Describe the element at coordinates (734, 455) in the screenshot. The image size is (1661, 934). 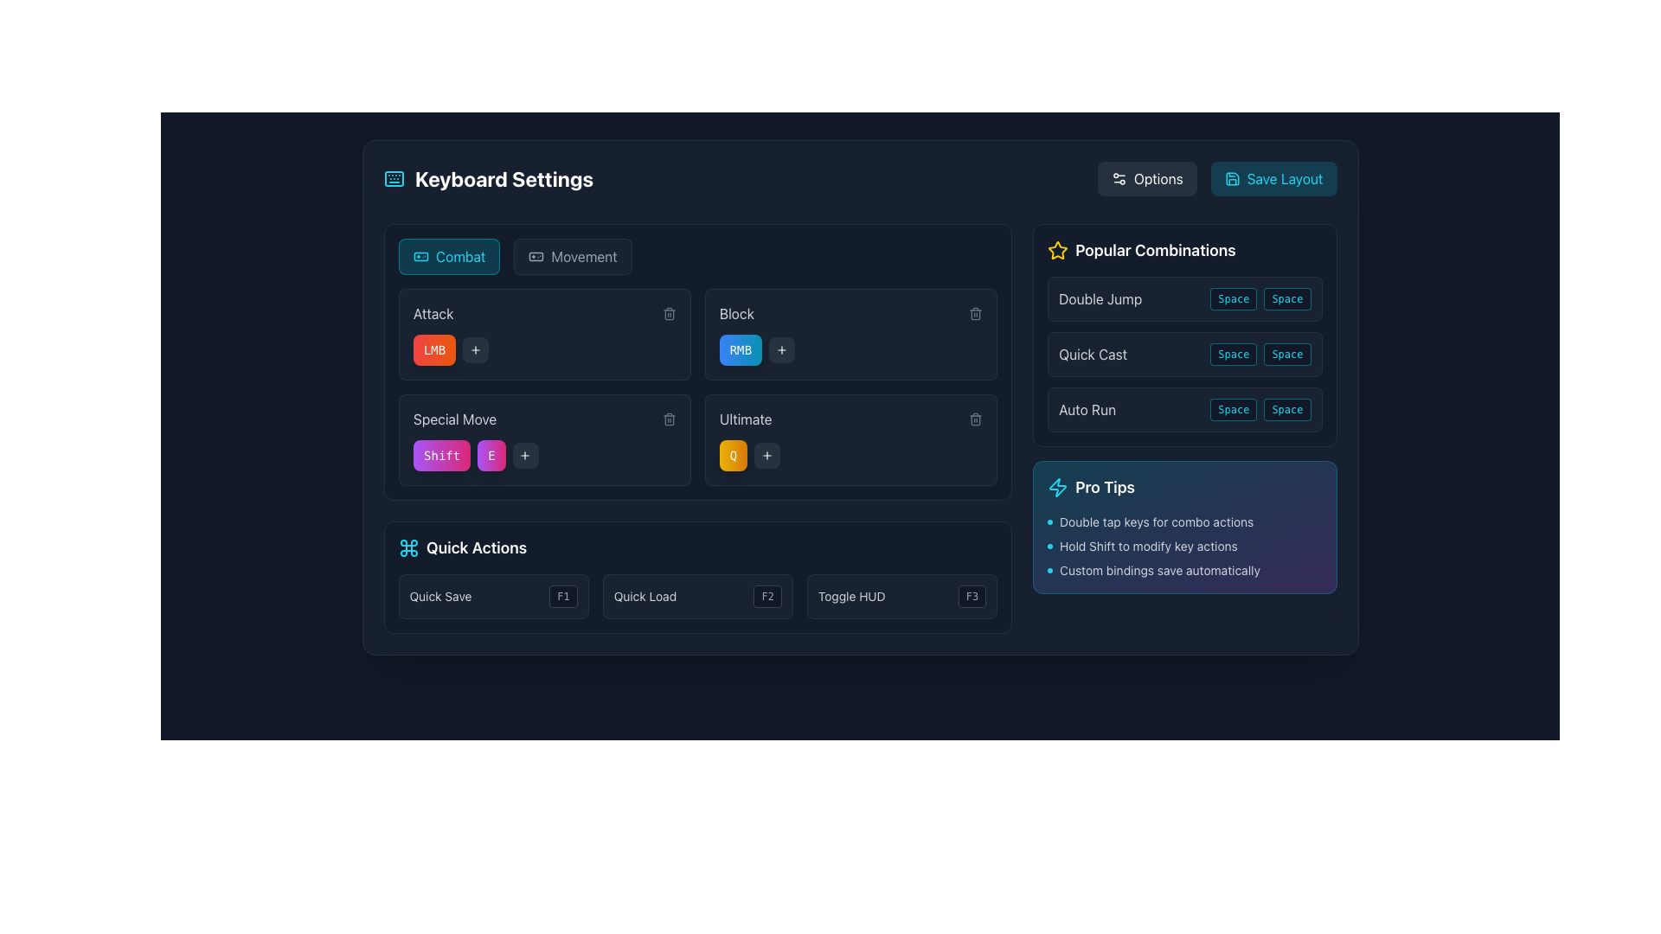
I see `the 'Q' button in the 'Ultimate' section of the 'Combat' tab, which is located to the left of the '+' symbol` at that location.